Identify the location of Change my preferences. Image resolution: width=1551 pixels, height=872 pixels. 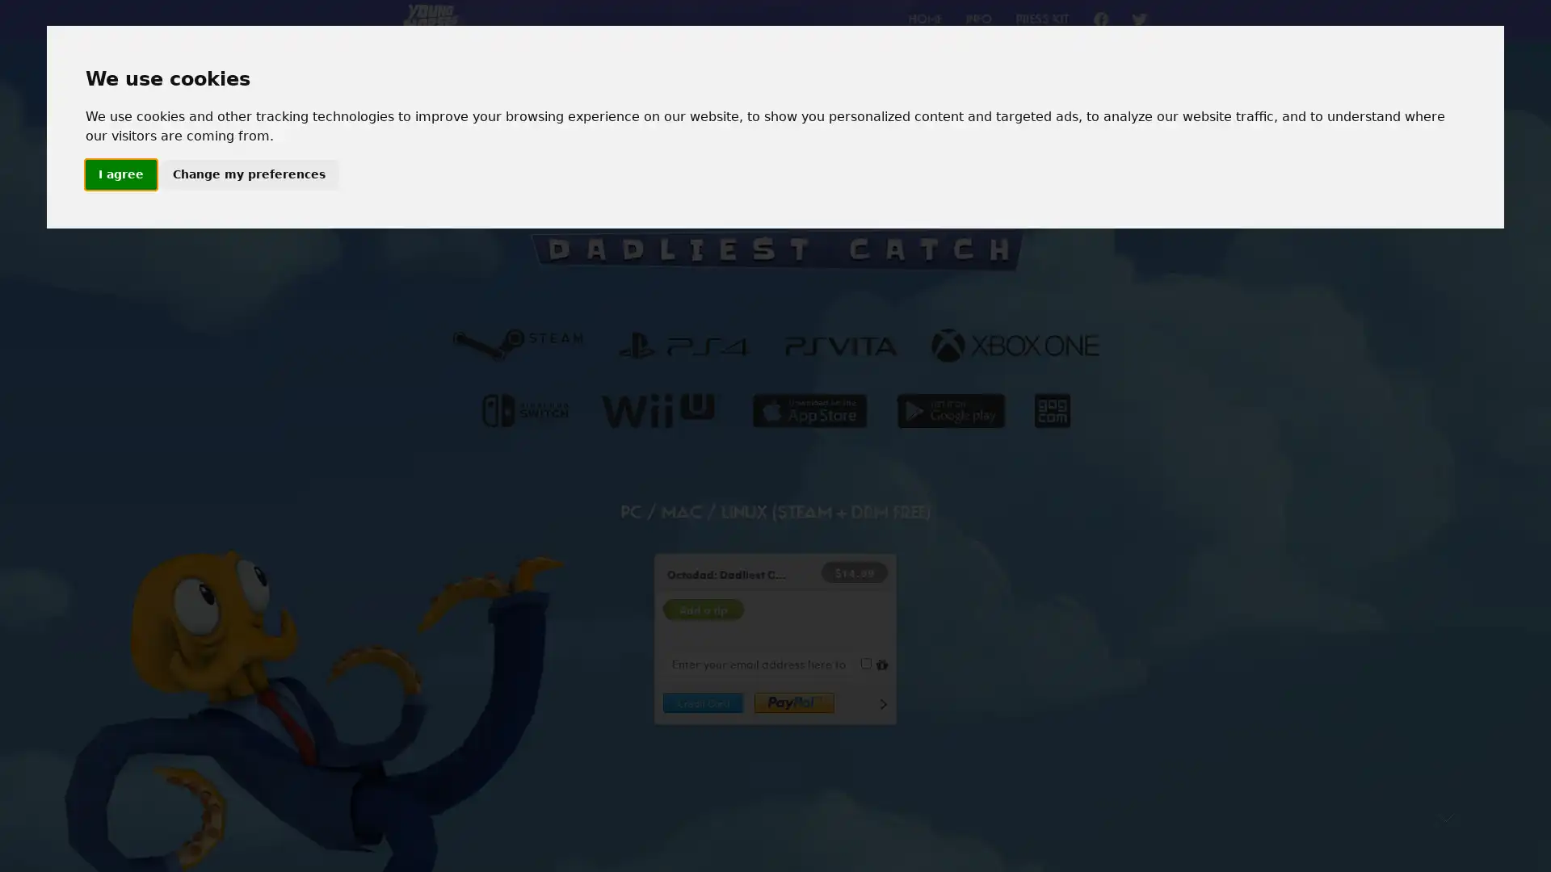
(247, 174).